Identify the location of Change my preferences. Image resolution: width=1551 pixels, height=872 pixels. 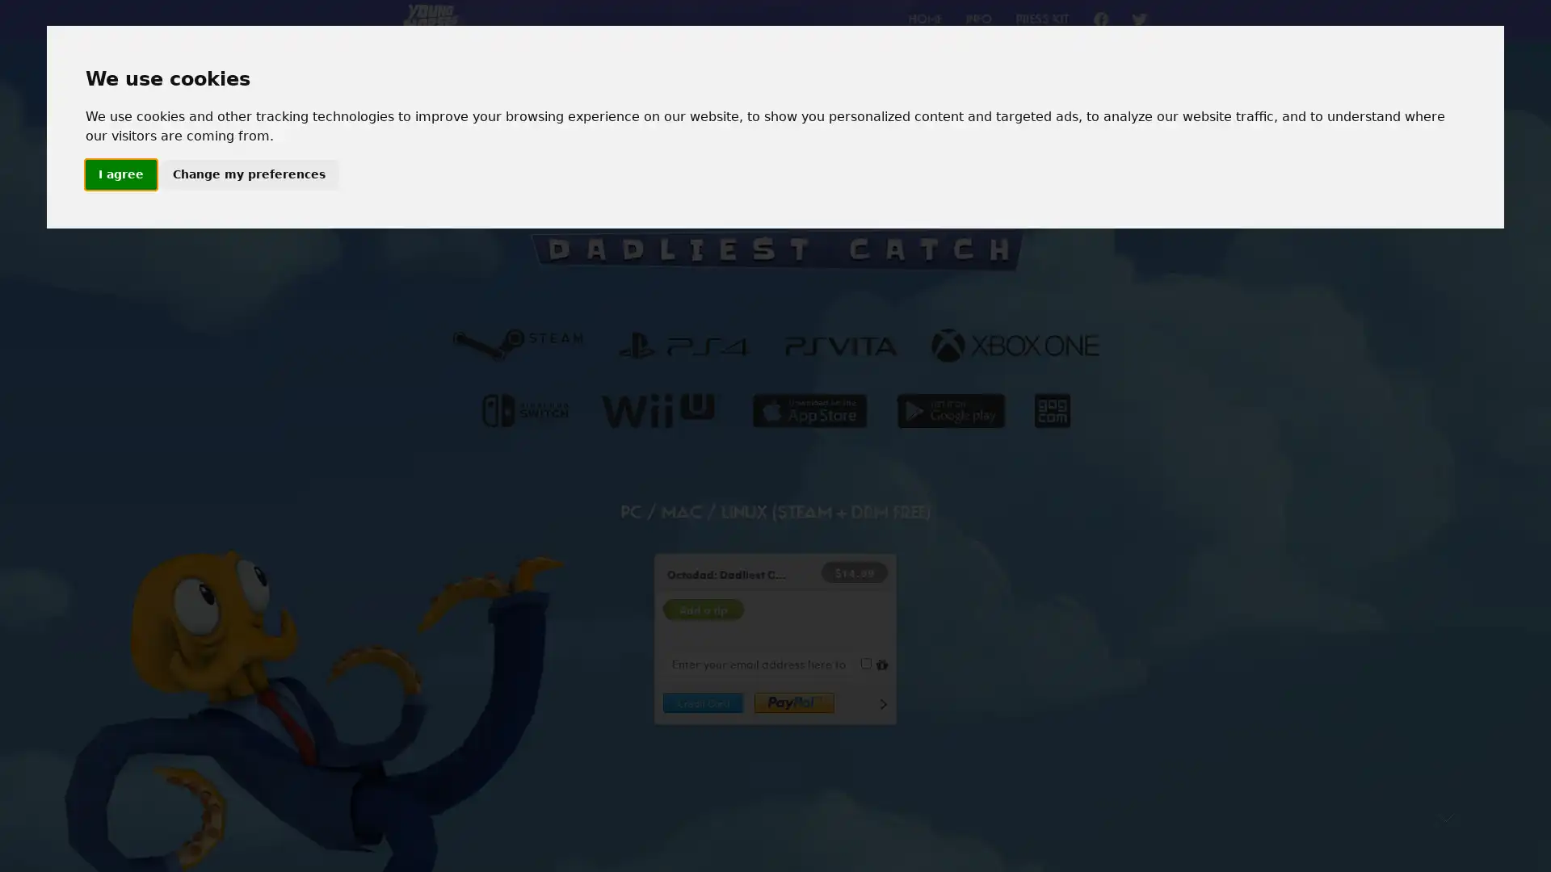
(247, 174).